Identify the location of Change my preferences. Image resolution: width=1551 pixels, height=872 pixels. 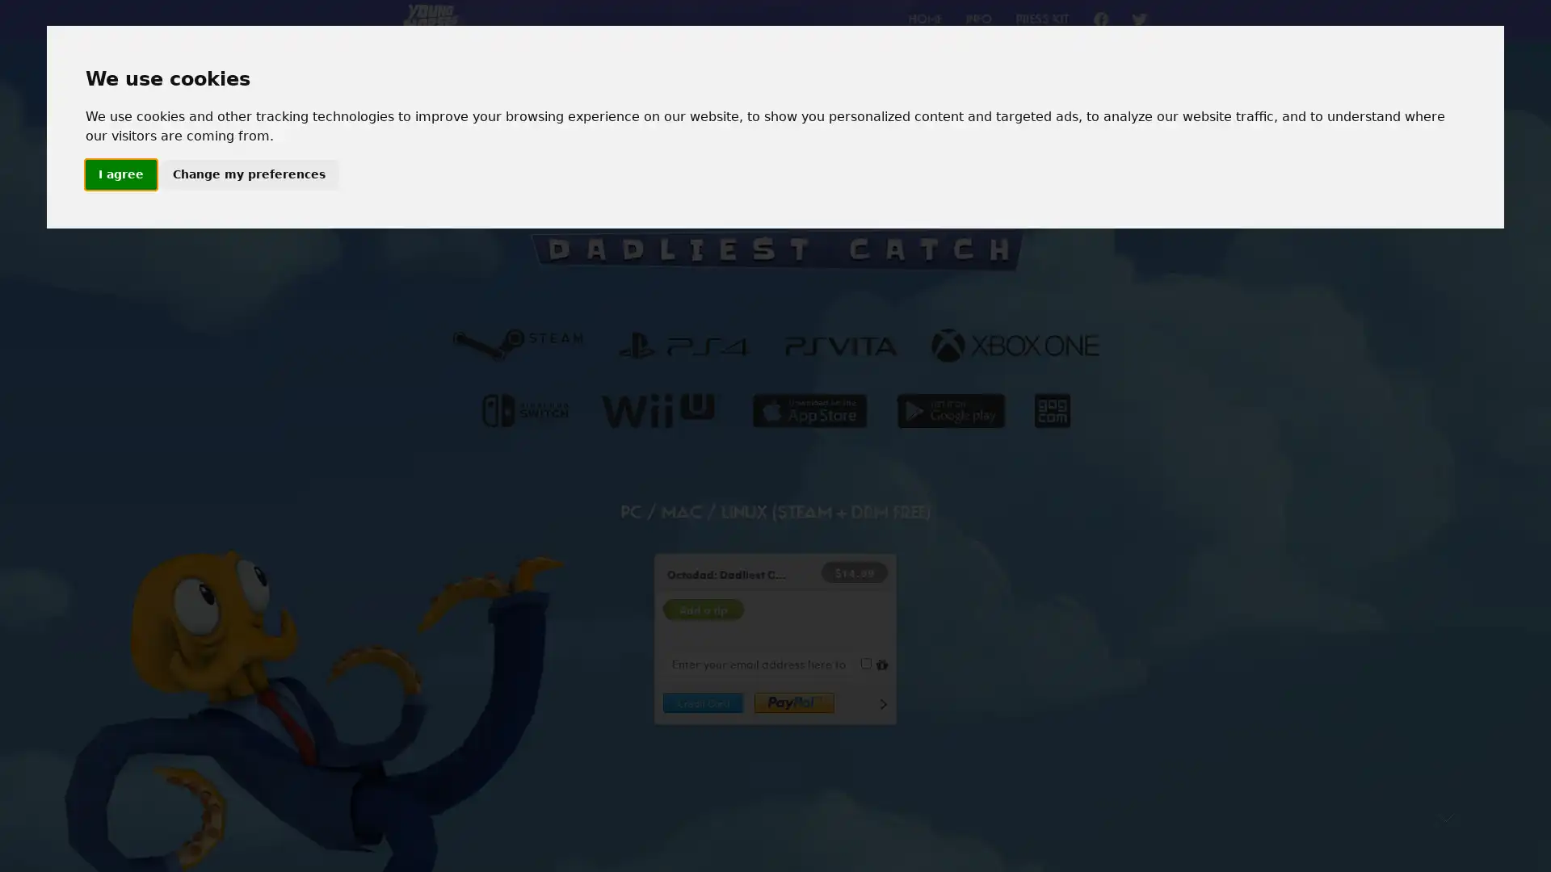
(247, 174).